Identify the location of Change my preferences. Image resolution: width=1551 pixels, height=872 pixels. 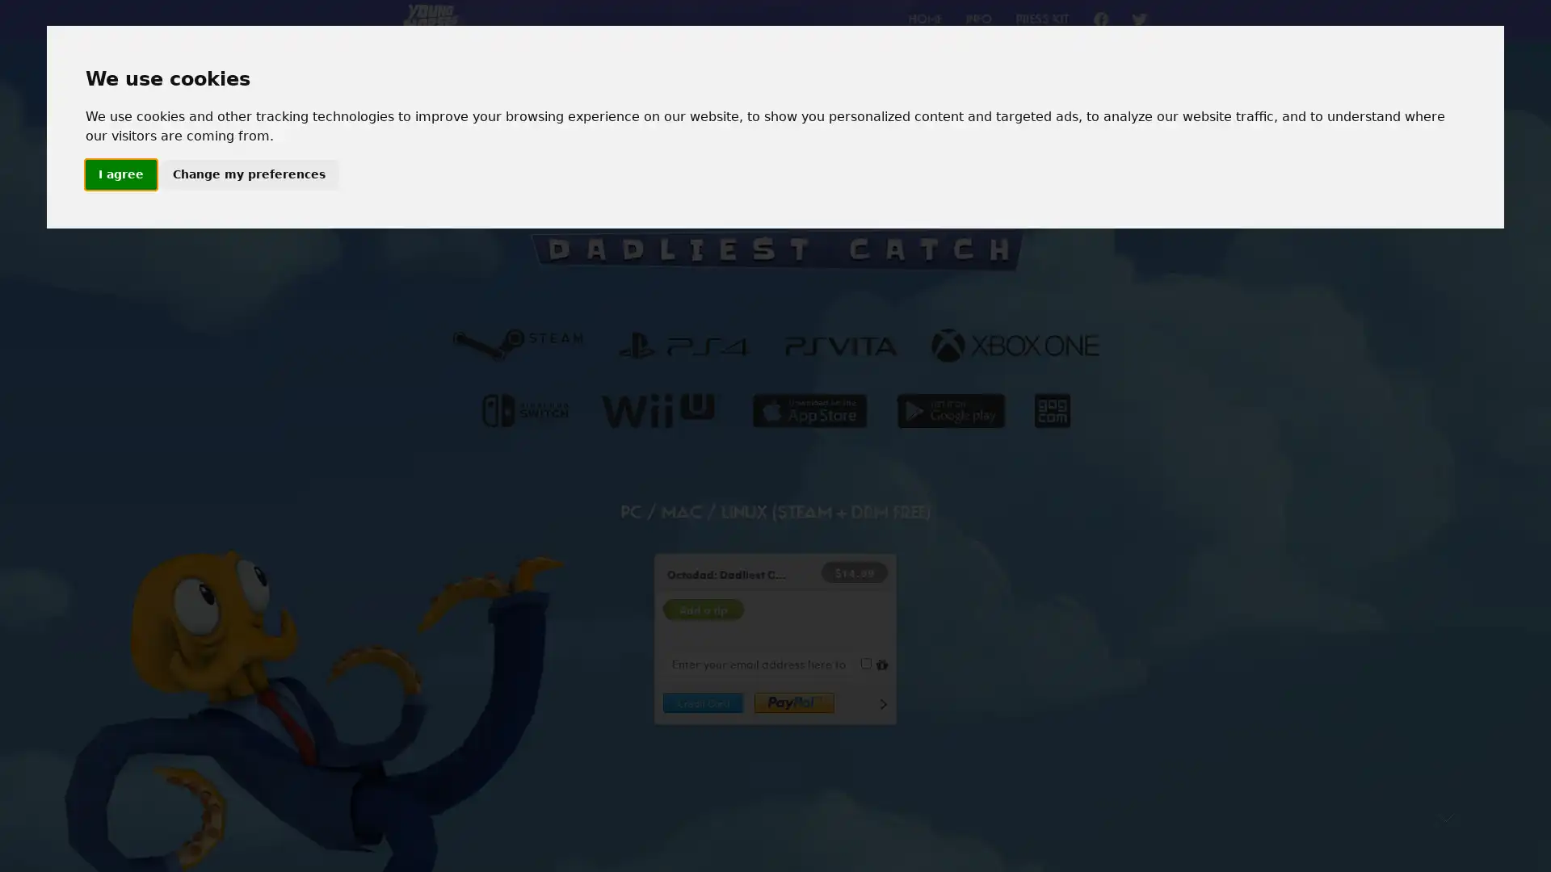
(247, 174).